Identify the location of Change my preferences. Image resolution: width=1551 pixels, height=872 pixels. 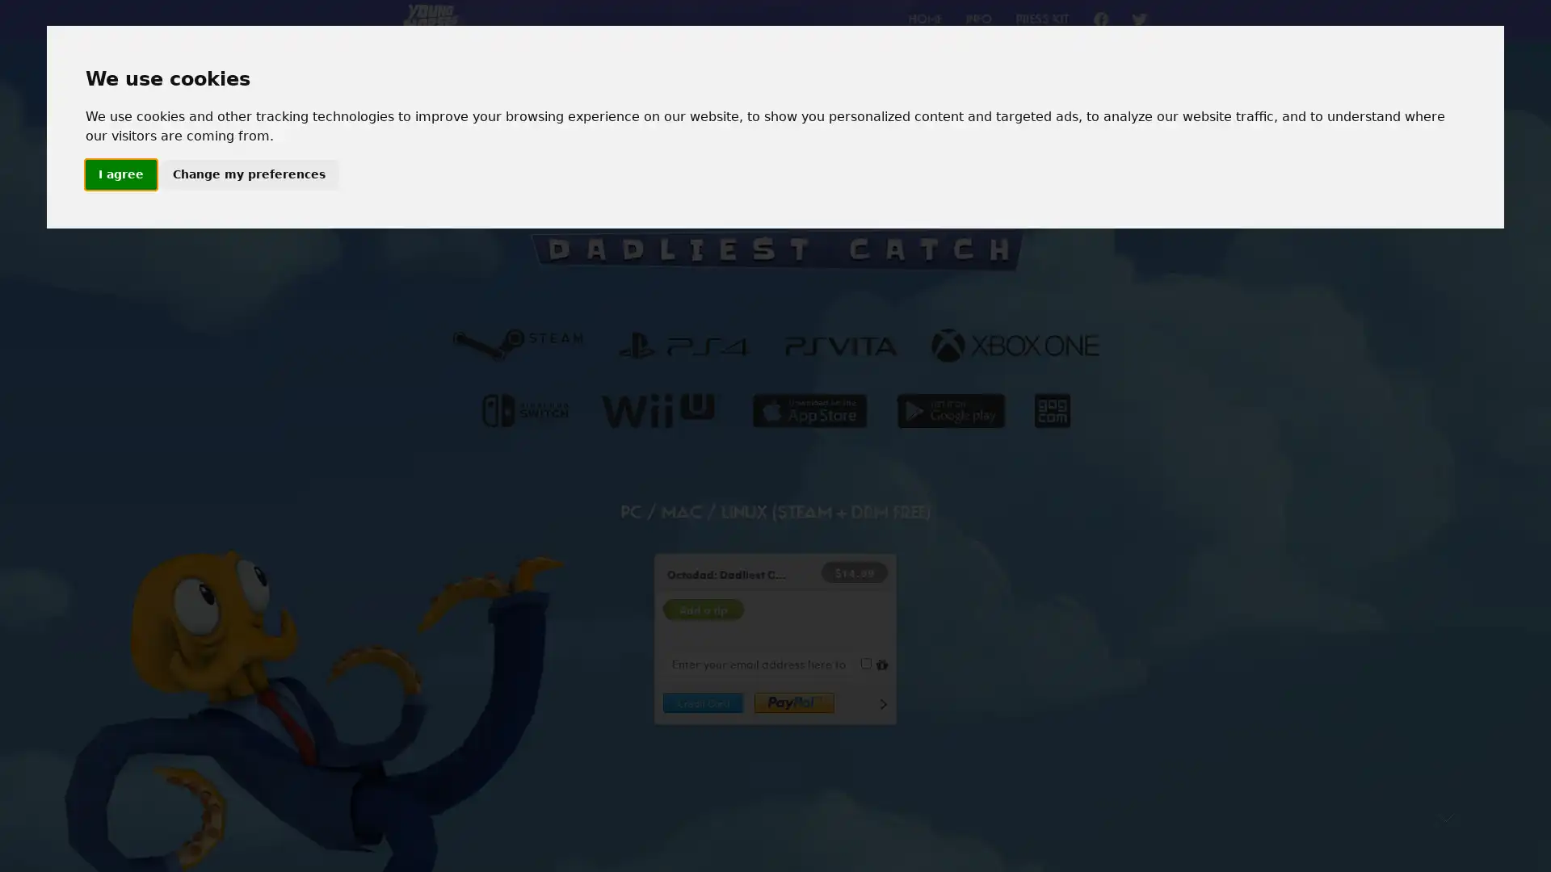
(247, 174).